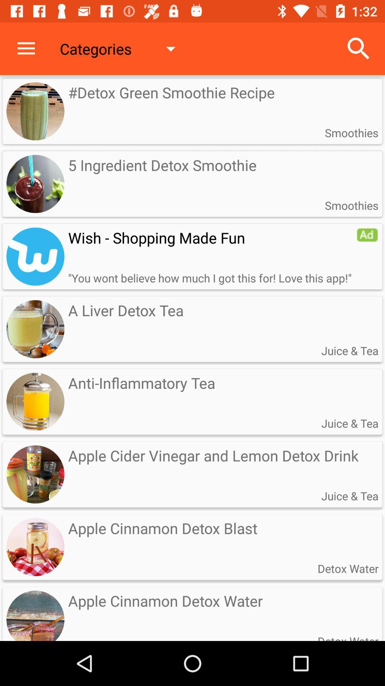 This screenshot has width=385, height=686. I want to click on the icon to the right of categories, so click(359, 48).